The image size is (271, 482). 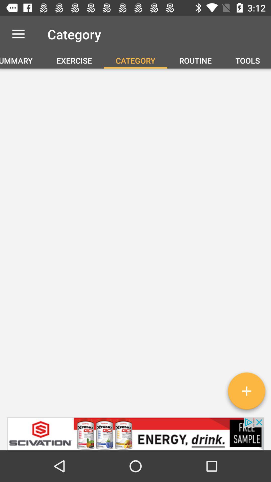 I want to click on the add icon, so click(x=246, y=393).